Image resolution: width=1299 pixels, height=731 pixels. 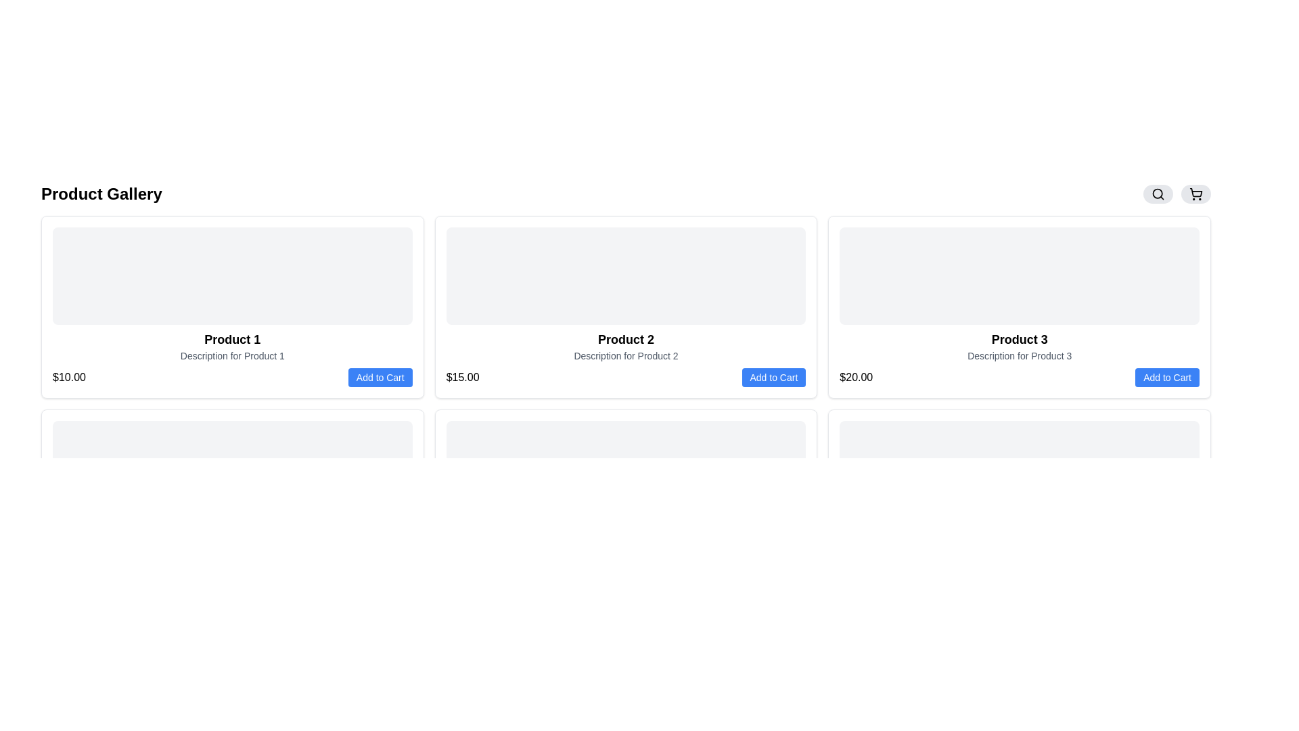 What do you see at coordinates (232, 355) in the screenshot?
I see `the descriptive text label for 'Product 1' located below the title and above the price '$10.00'` at bounding box center [232, 355].